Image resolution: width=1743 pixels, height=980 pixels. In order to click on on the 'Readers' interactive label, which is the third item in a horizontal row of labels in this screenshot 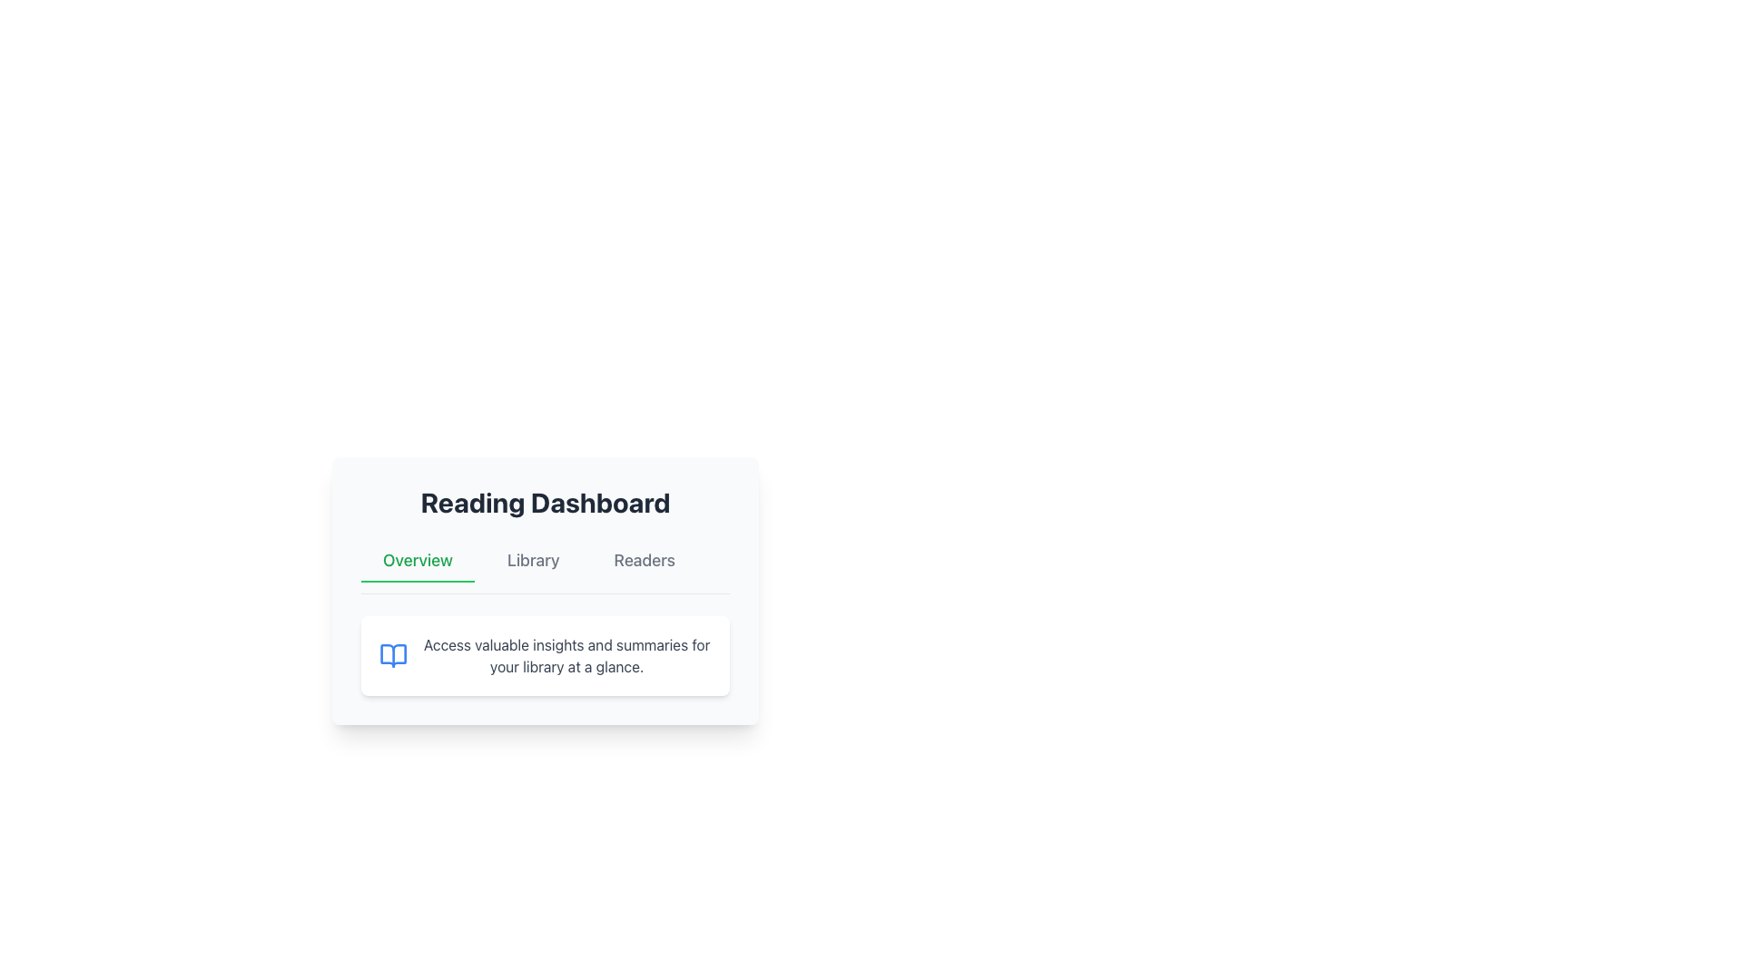, I will do `click(645, 560)`.